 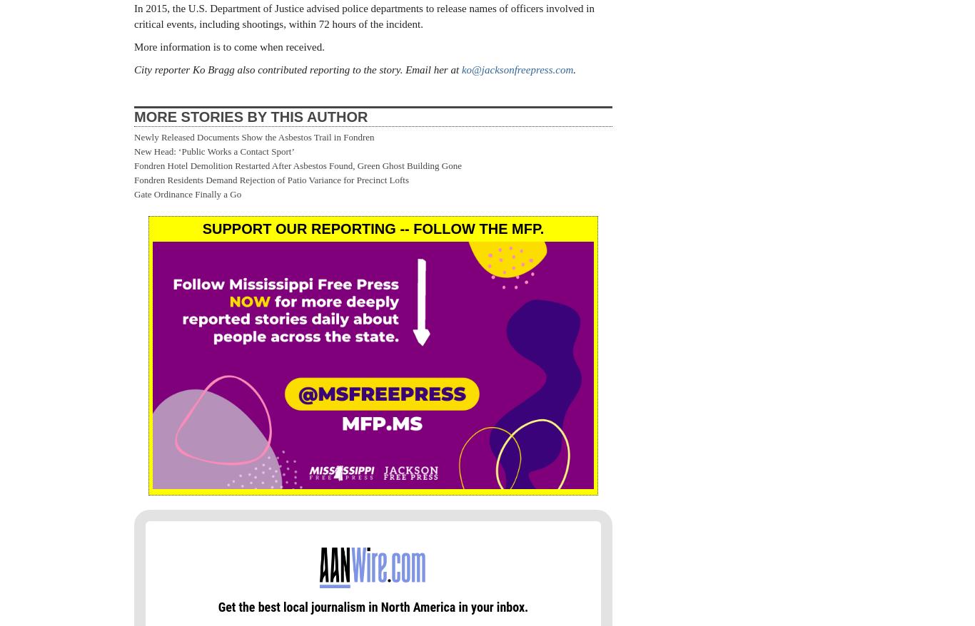 I want to click on 'Fondren Hotel Demolition Restarted After Asbestos Found, Green Ghost Building Gone', so click(x=297, y=165).